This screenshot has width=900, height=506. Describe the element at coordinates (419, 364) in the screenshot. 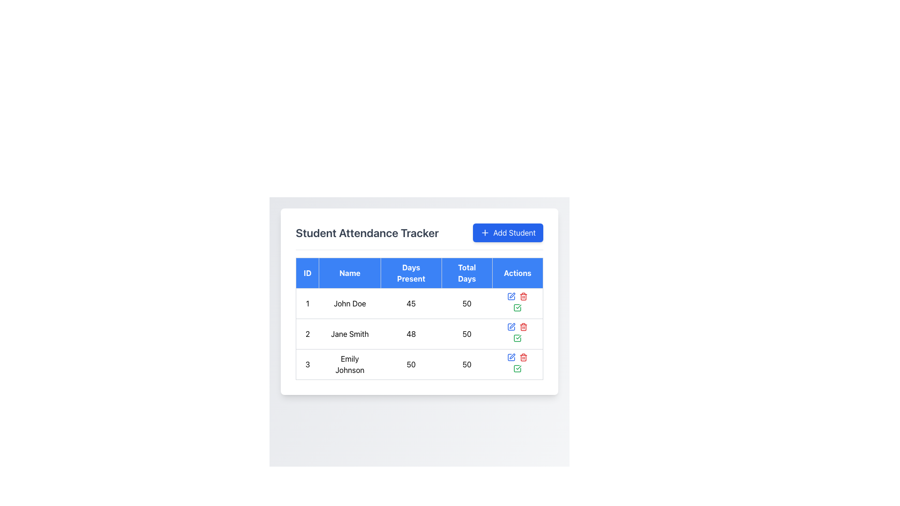

I see `the third row of the student attendance tracker table displaying attendance information for 'Emily Johnson'` at that location.